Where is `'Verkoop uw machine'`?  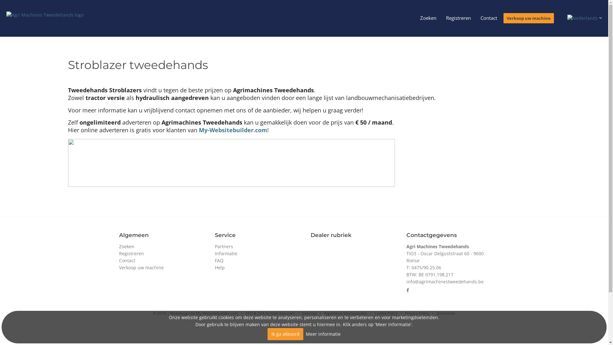
'Verkoop uw machine' is located at coordinates (529, 18).